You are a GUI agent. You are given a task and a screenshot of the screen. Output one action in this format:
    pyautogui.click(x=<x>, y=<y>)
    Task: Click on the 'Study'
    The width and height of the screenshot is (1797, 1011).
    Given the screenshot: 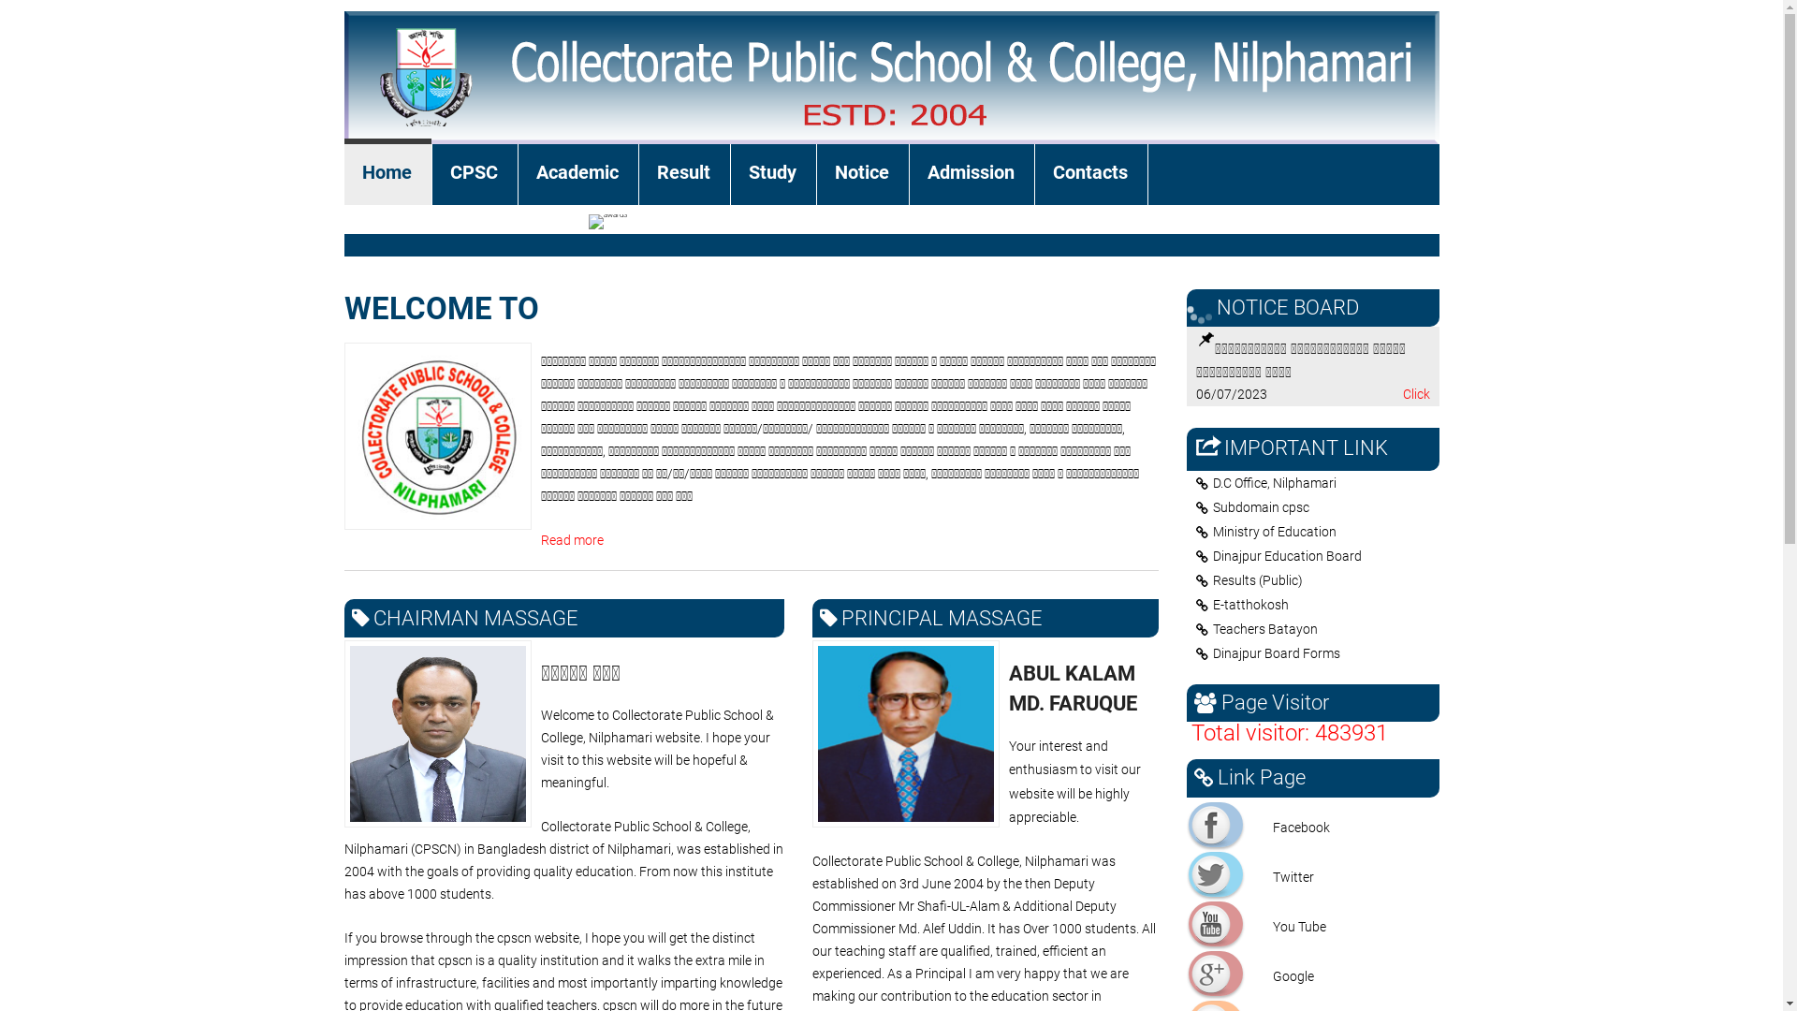 What is the action you would take?
    pyautogui.click(x=772, y=174)
    